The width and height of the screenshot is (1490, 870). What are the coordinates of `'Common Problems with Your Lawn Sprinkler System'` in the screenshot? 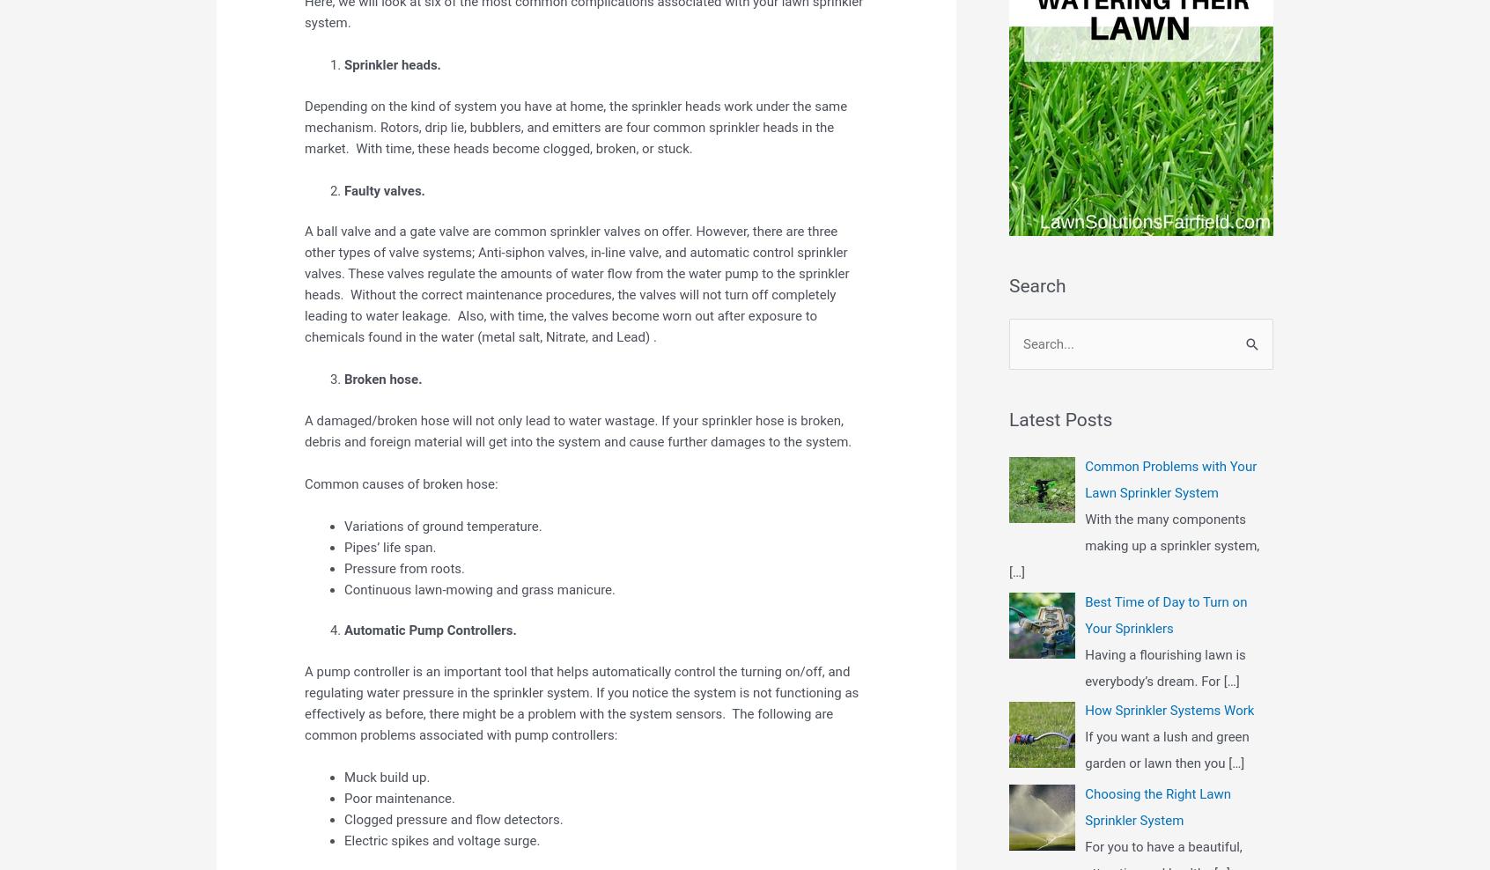 It's located at (1169, 477).